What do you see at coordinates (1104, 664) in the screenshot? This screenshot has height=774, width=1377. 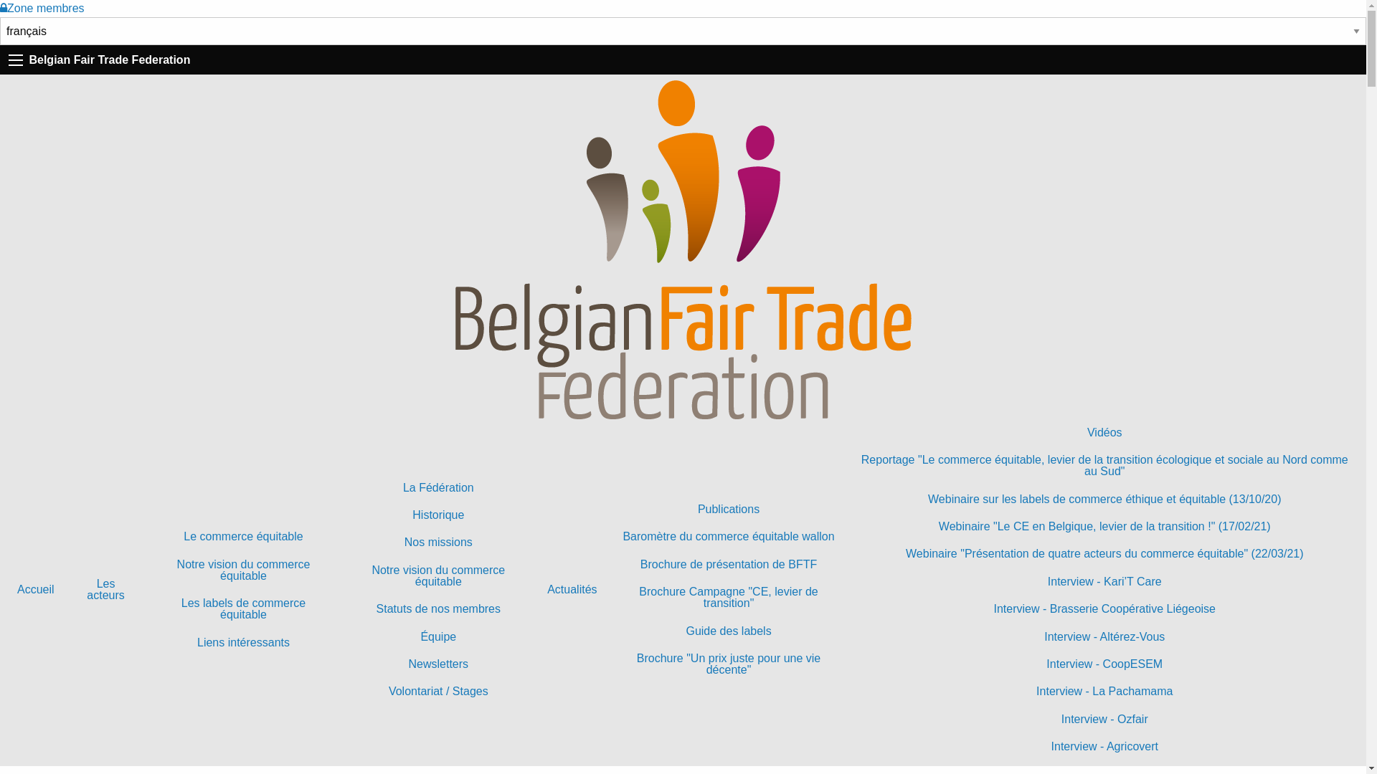 I see `'Interview - CoopESEM'` at bounding box center [1104, 664].